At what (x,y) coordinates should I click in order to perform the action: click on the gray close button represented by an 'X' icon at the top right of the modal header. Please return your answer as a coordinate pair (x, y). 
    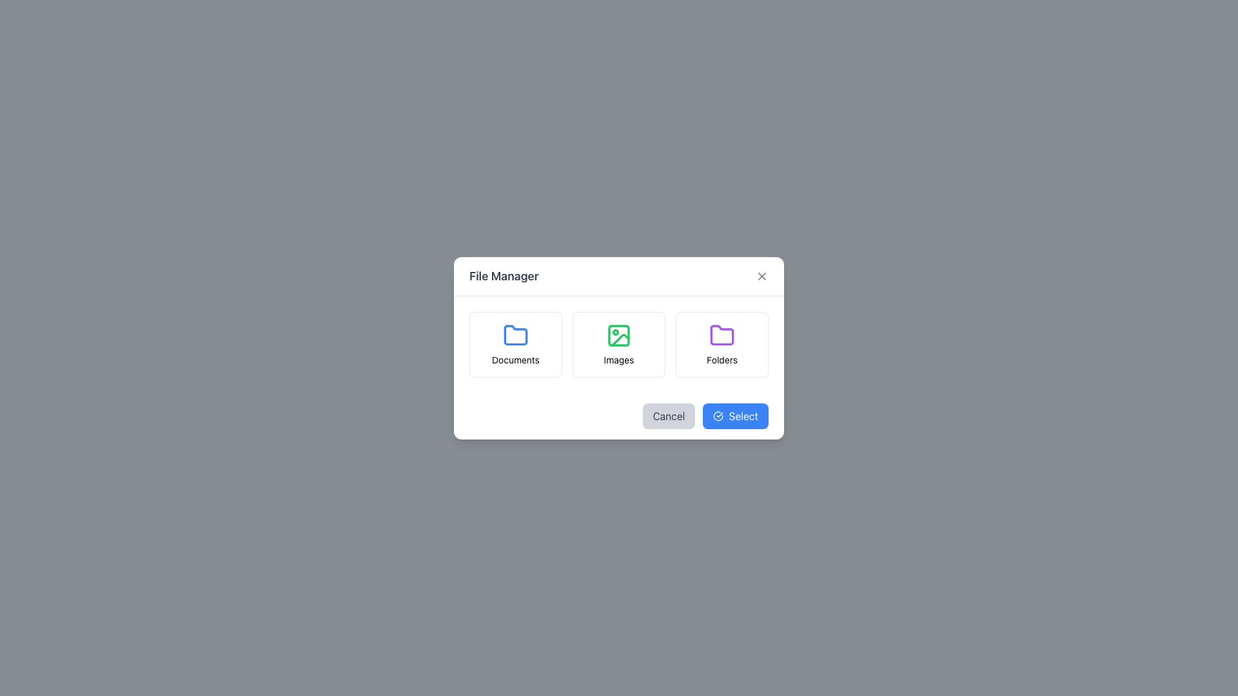
    Looking at the image, I should click on (761, 275).